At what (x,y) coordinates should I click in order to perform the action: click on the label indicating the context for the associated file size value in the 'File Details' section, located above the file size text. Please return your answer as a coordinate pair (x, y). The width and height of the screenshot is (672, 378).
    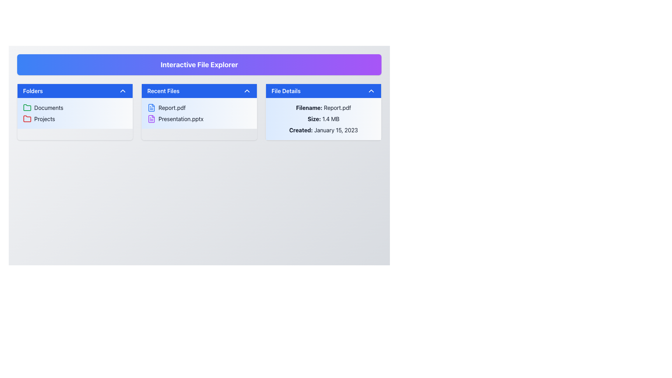
    Looking at the image, I should click on (314, 118).